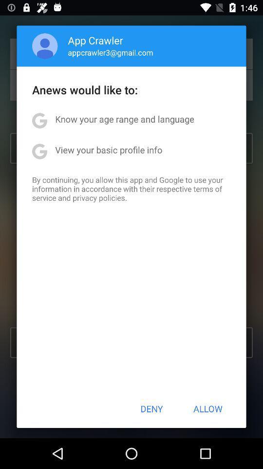  What do you see at coordinates (125, 118) in the screenshot?
I see `icon above the view your basic` at bounding box center [125, 118].